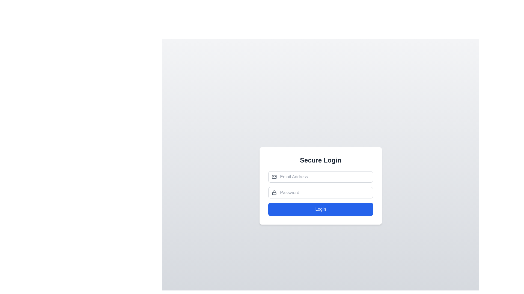 This screenshot has height=294, width=524. I want to click on the submission button located at the bottom of the login form to change its color, so click(321, 209).